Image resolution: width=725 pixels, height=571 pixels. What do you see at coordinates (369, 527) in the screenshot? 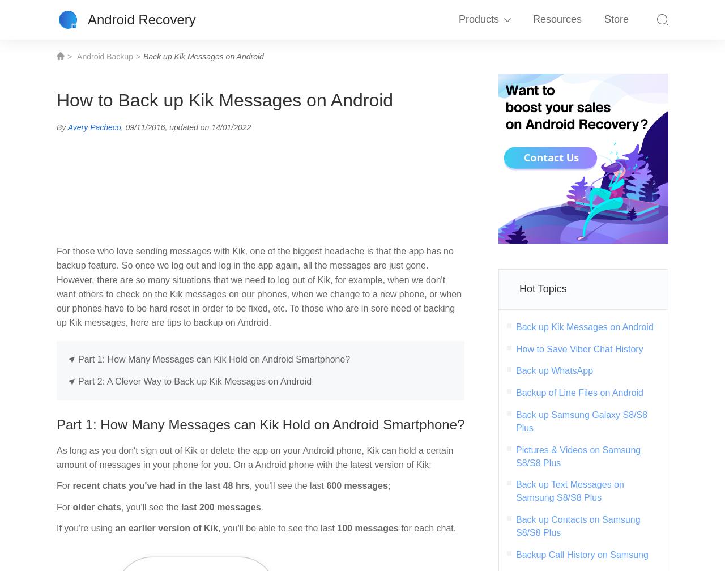
I see `'100 messages'` at bounding box center [369, 527].